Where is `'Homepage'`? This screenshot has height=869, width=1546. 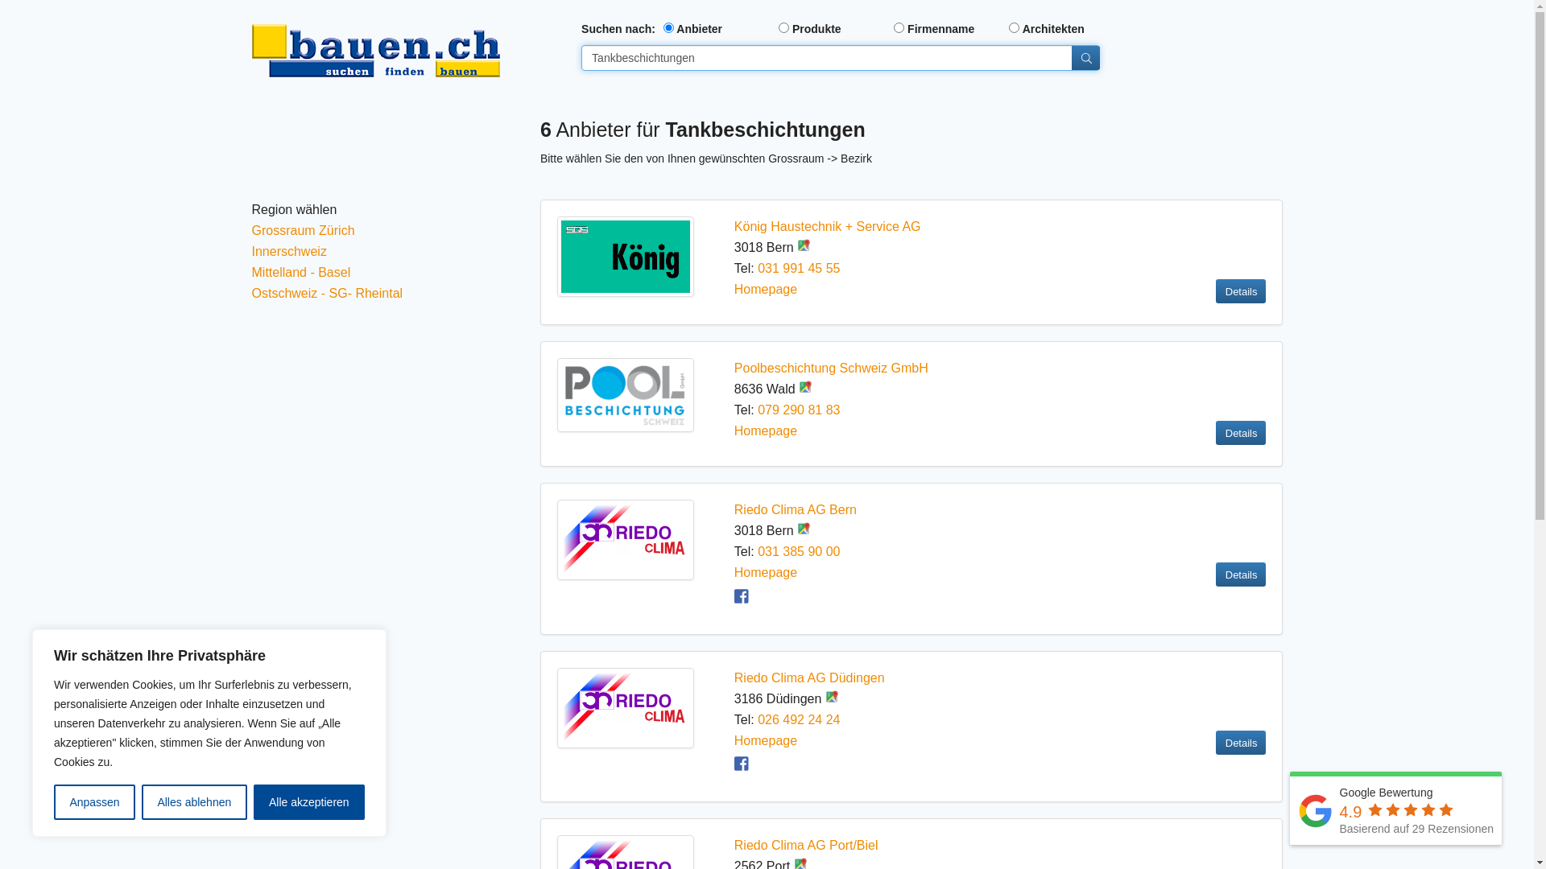 'Homepage' is located at coordinates (764, 288).